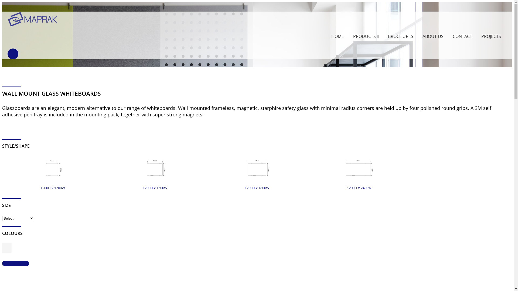 The height and width of the screenshot is (291, 518). What do you see at coordinates (451, 36) in the screenshot?
I see `'CONTACT'` at bounding box center [451, 36].